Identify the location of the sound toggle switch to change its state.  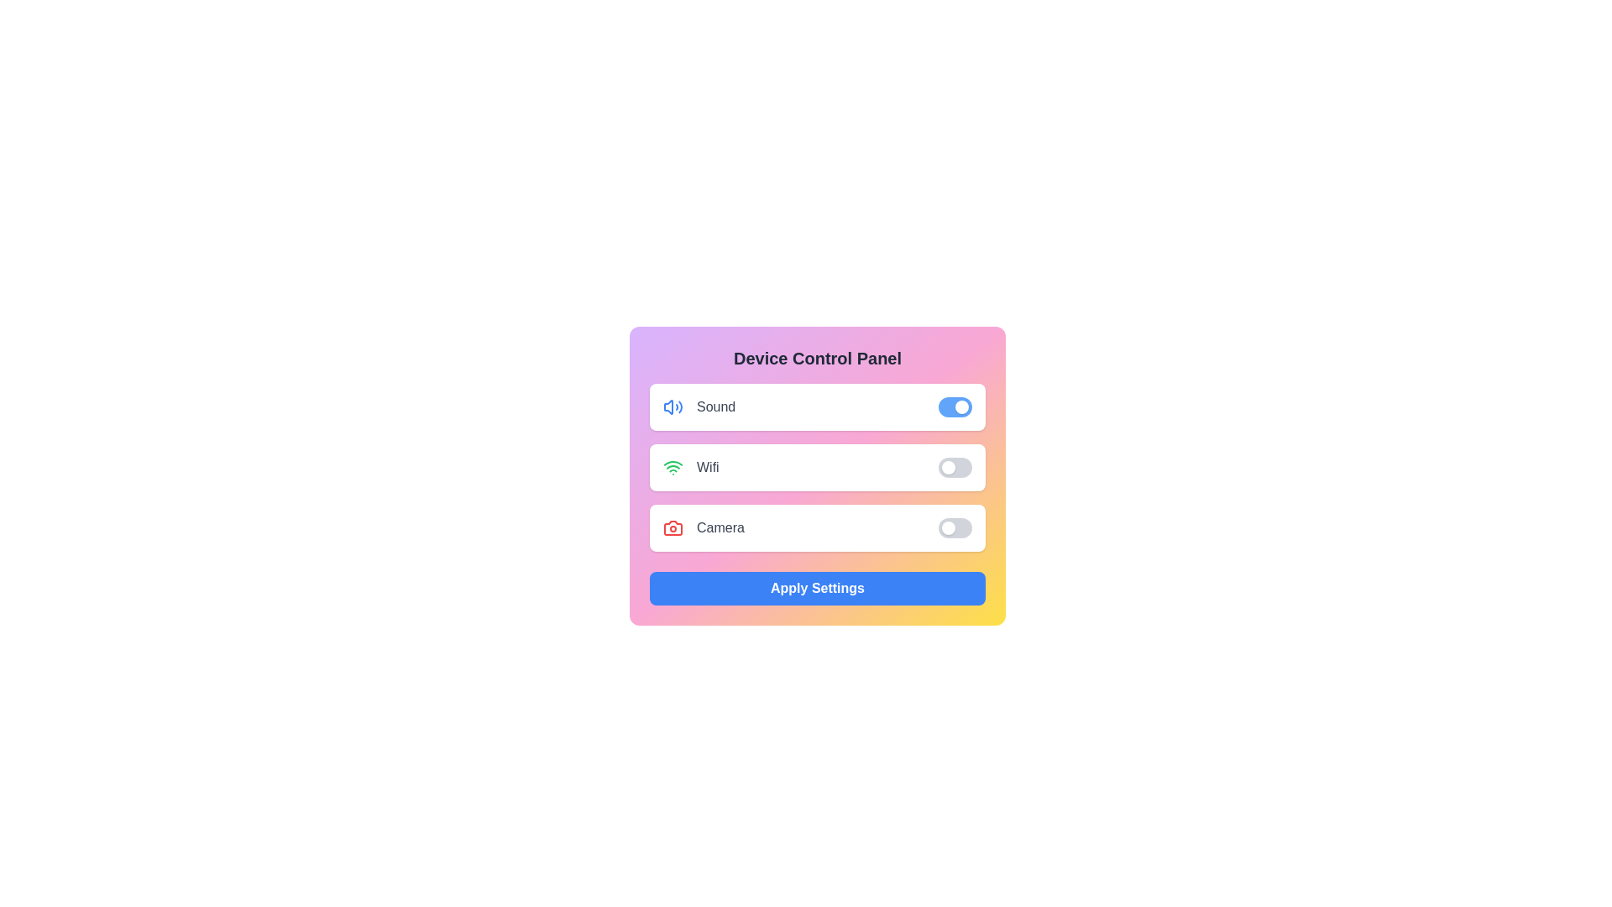
(955, 407).